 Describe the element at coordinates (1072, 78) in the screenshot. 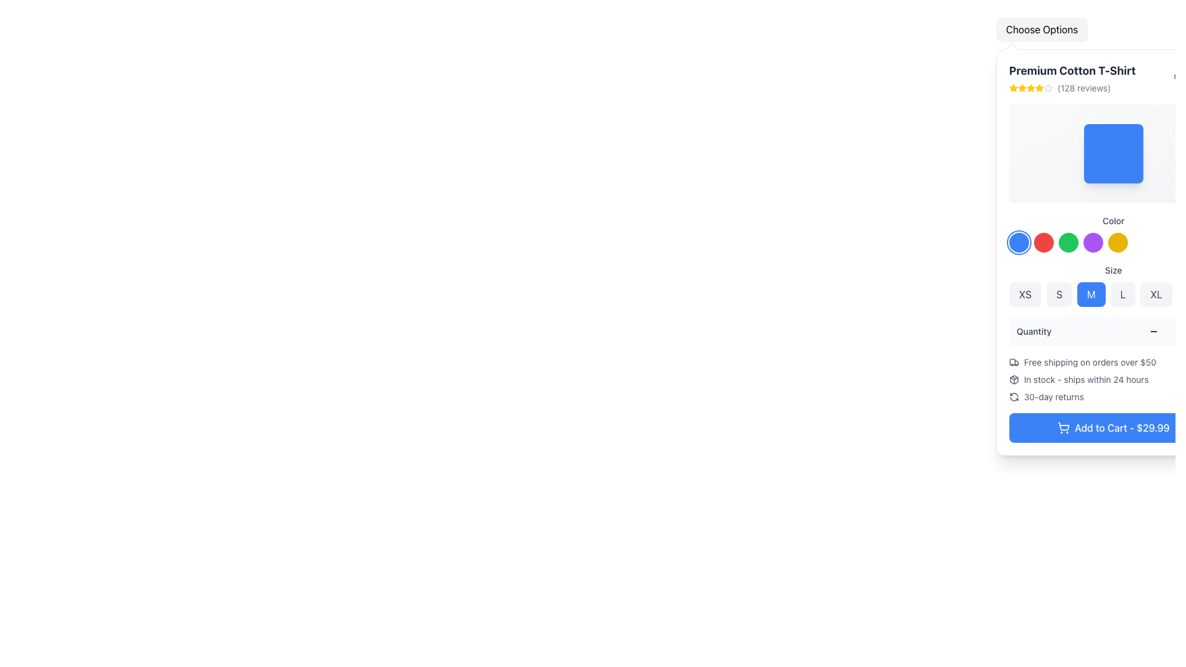

I see `text from the Text Label with Rating Component located at the top right of the layout, which displays the product title and its associated review rating` at that location.